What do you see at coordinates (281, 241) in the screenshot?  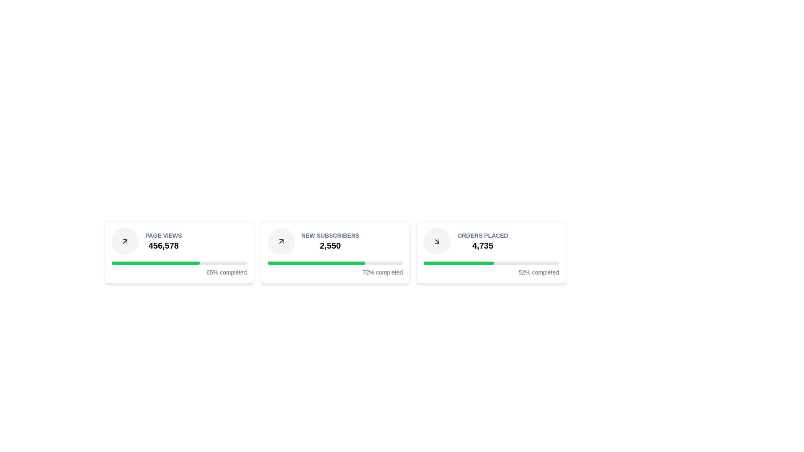 I see `the arrow icon pointing diagonally upward located in the circular background on the left side of the 'PAGE VIEWS' card` at bounding box center [281, 241].